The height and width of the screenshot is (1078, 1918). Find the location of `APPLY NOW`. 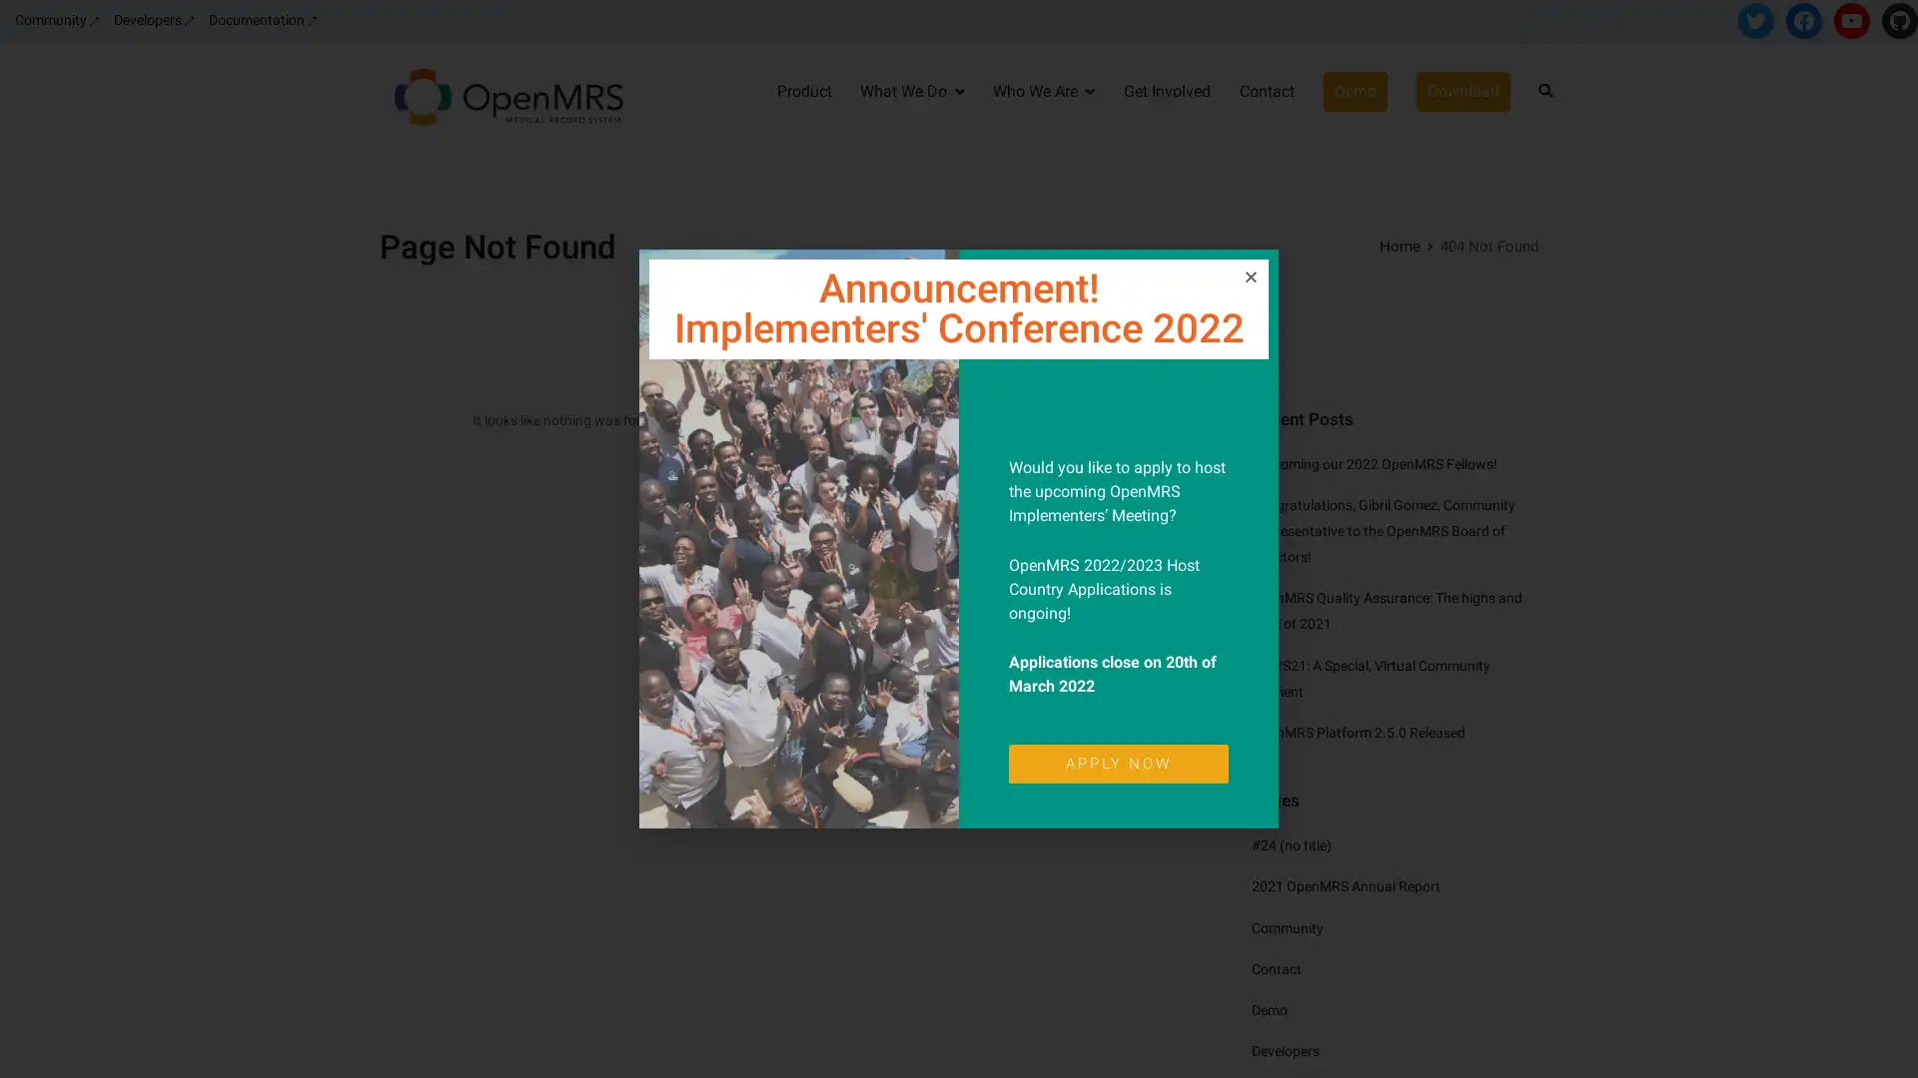

APPLY NOW is located at coordinates (1117, 764).